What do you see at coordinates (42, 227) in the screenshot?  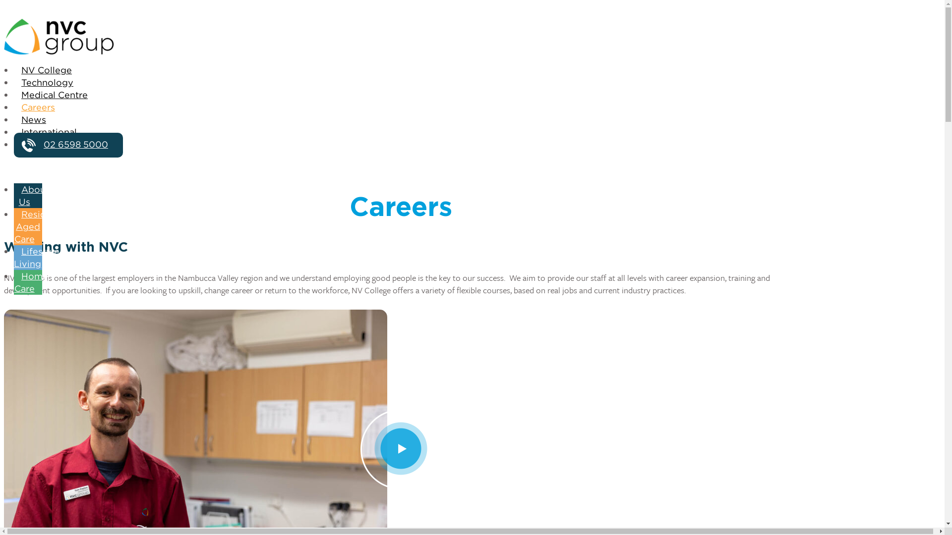 I see `'Residential Aged Care'` at bounding box center [42, 227].